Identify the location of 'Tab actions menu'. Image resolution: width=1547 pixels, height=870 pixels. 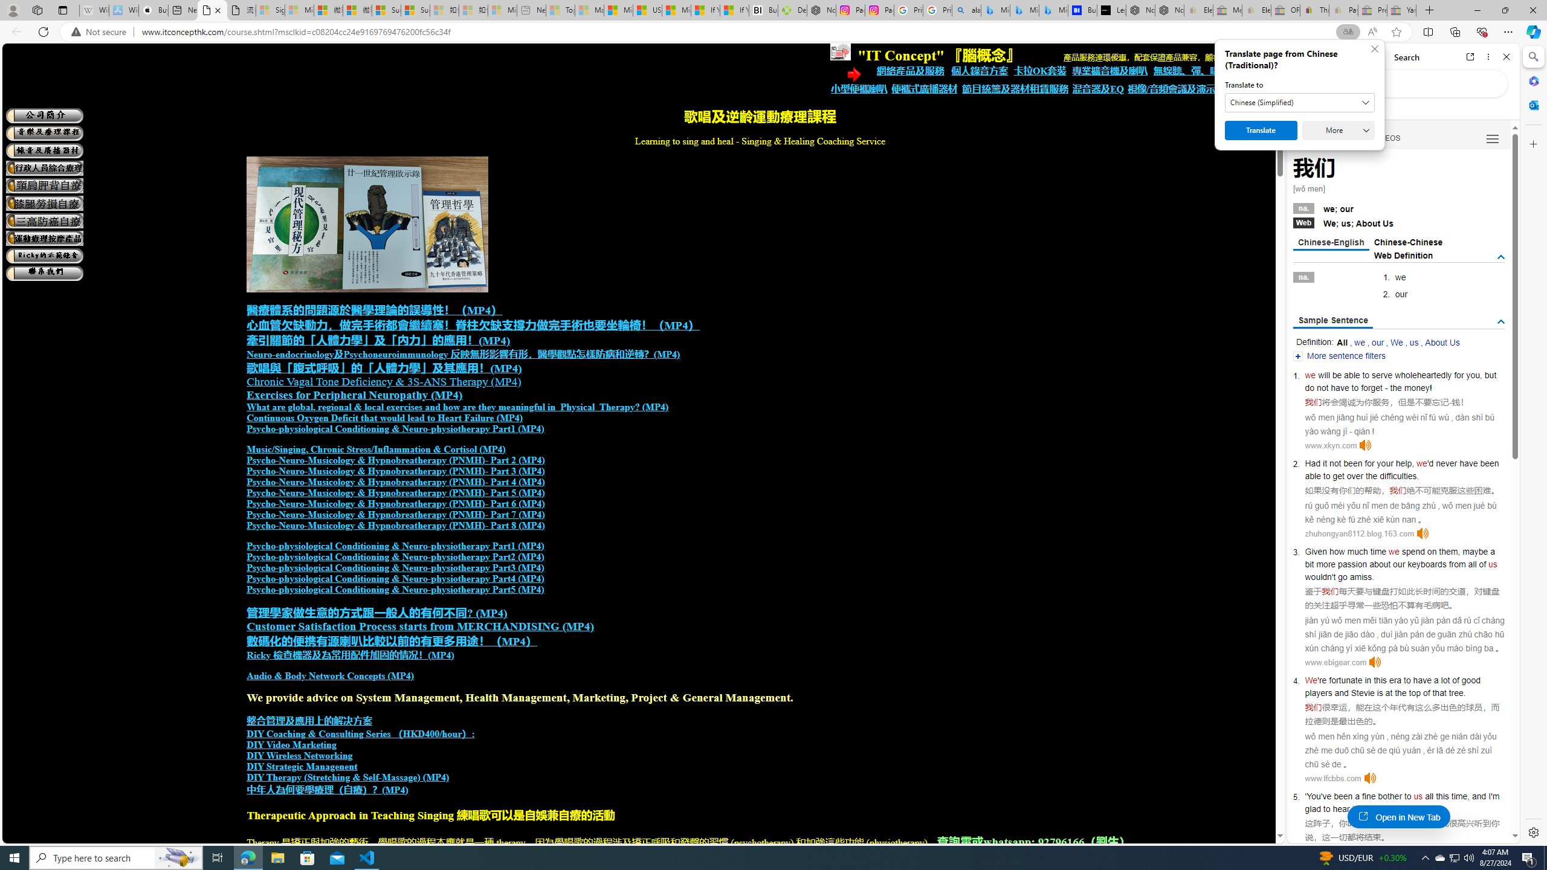
(62, 10).